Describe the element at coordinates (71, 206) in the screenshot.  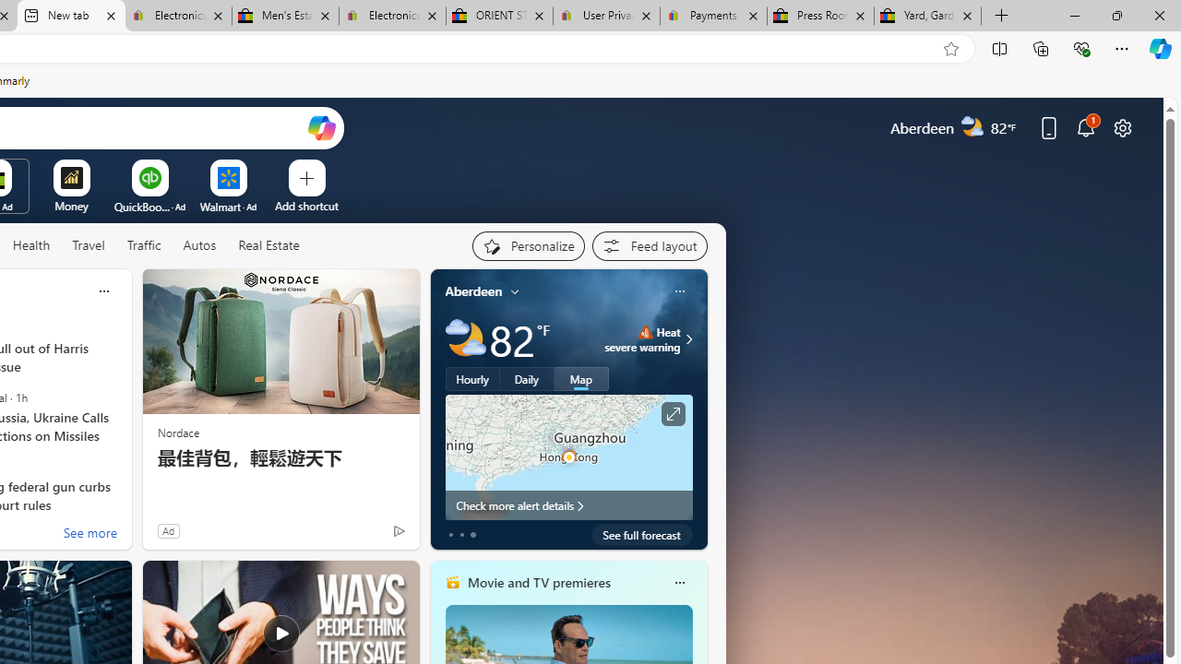
I see `'Money'` at that location.